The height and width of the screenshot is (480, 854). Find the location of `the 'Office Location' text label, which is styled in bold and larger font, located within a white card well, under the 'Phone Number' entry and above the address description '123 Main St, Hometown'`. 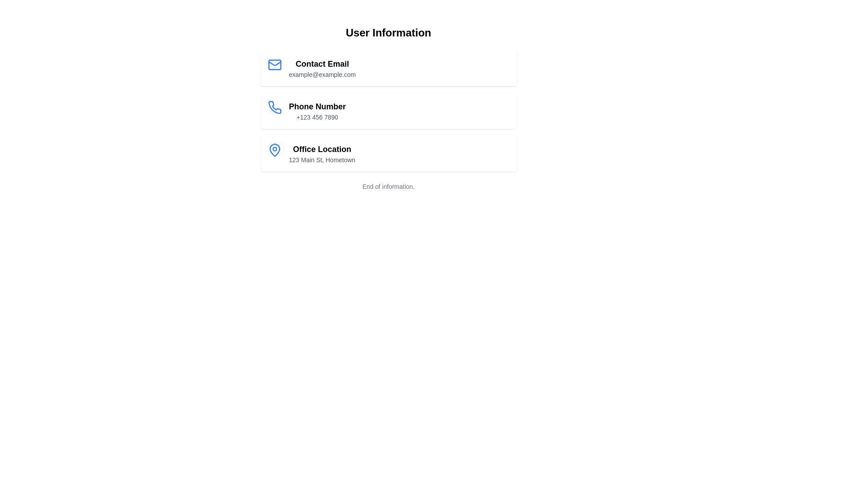

the 'Office Location' text label, which is styled in bold and larger font, located within a white card well, under the 'Phone Number' entry and above the address description '123 Main St, Hometown' is located at coordinates (322, 148).